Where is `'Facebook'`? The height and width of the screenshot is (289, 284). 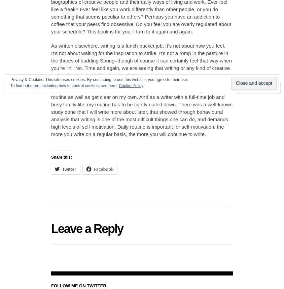
'Facebook' is located at coordinates (103, 168).